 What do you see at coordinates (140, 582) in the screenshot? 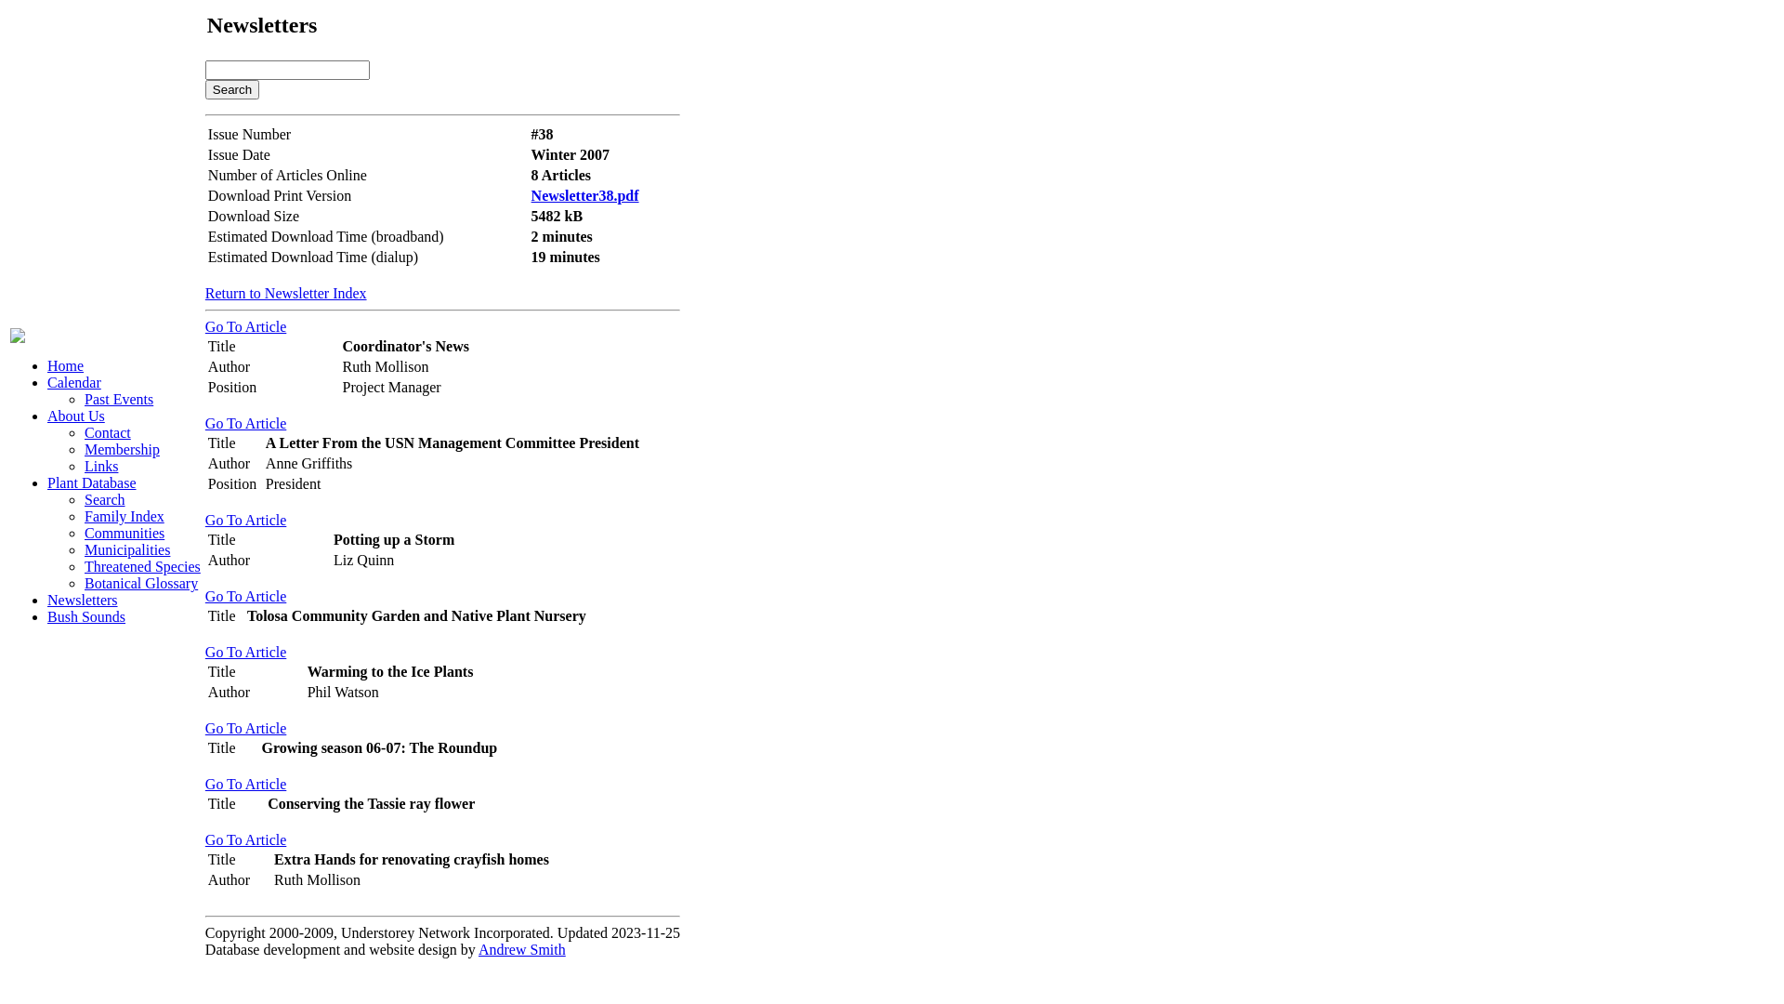
I see `'Botanical Glossary'` at bounding box center [140, 582].